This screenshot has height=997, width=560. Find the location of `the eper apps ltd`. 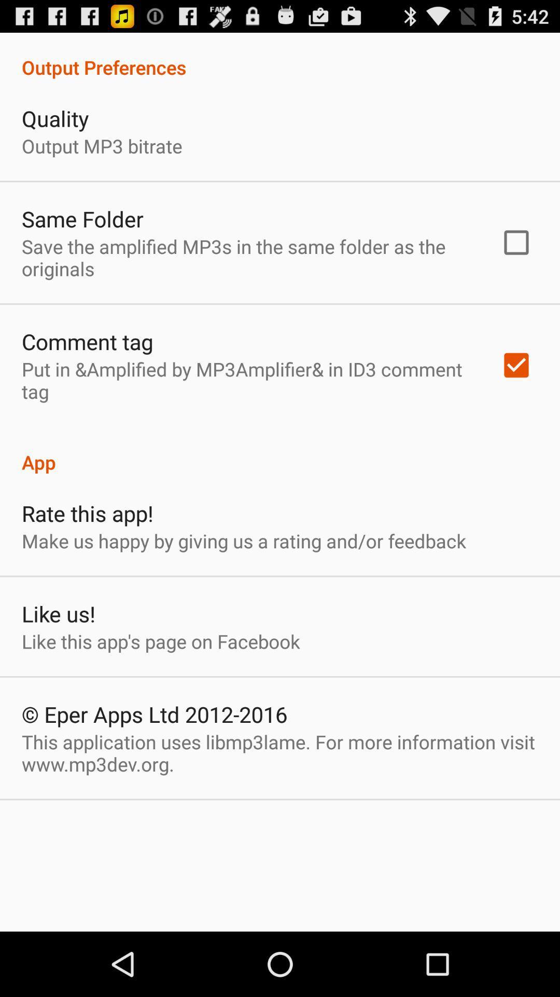

the eper apps ltd is located at coordinates (155, 713).